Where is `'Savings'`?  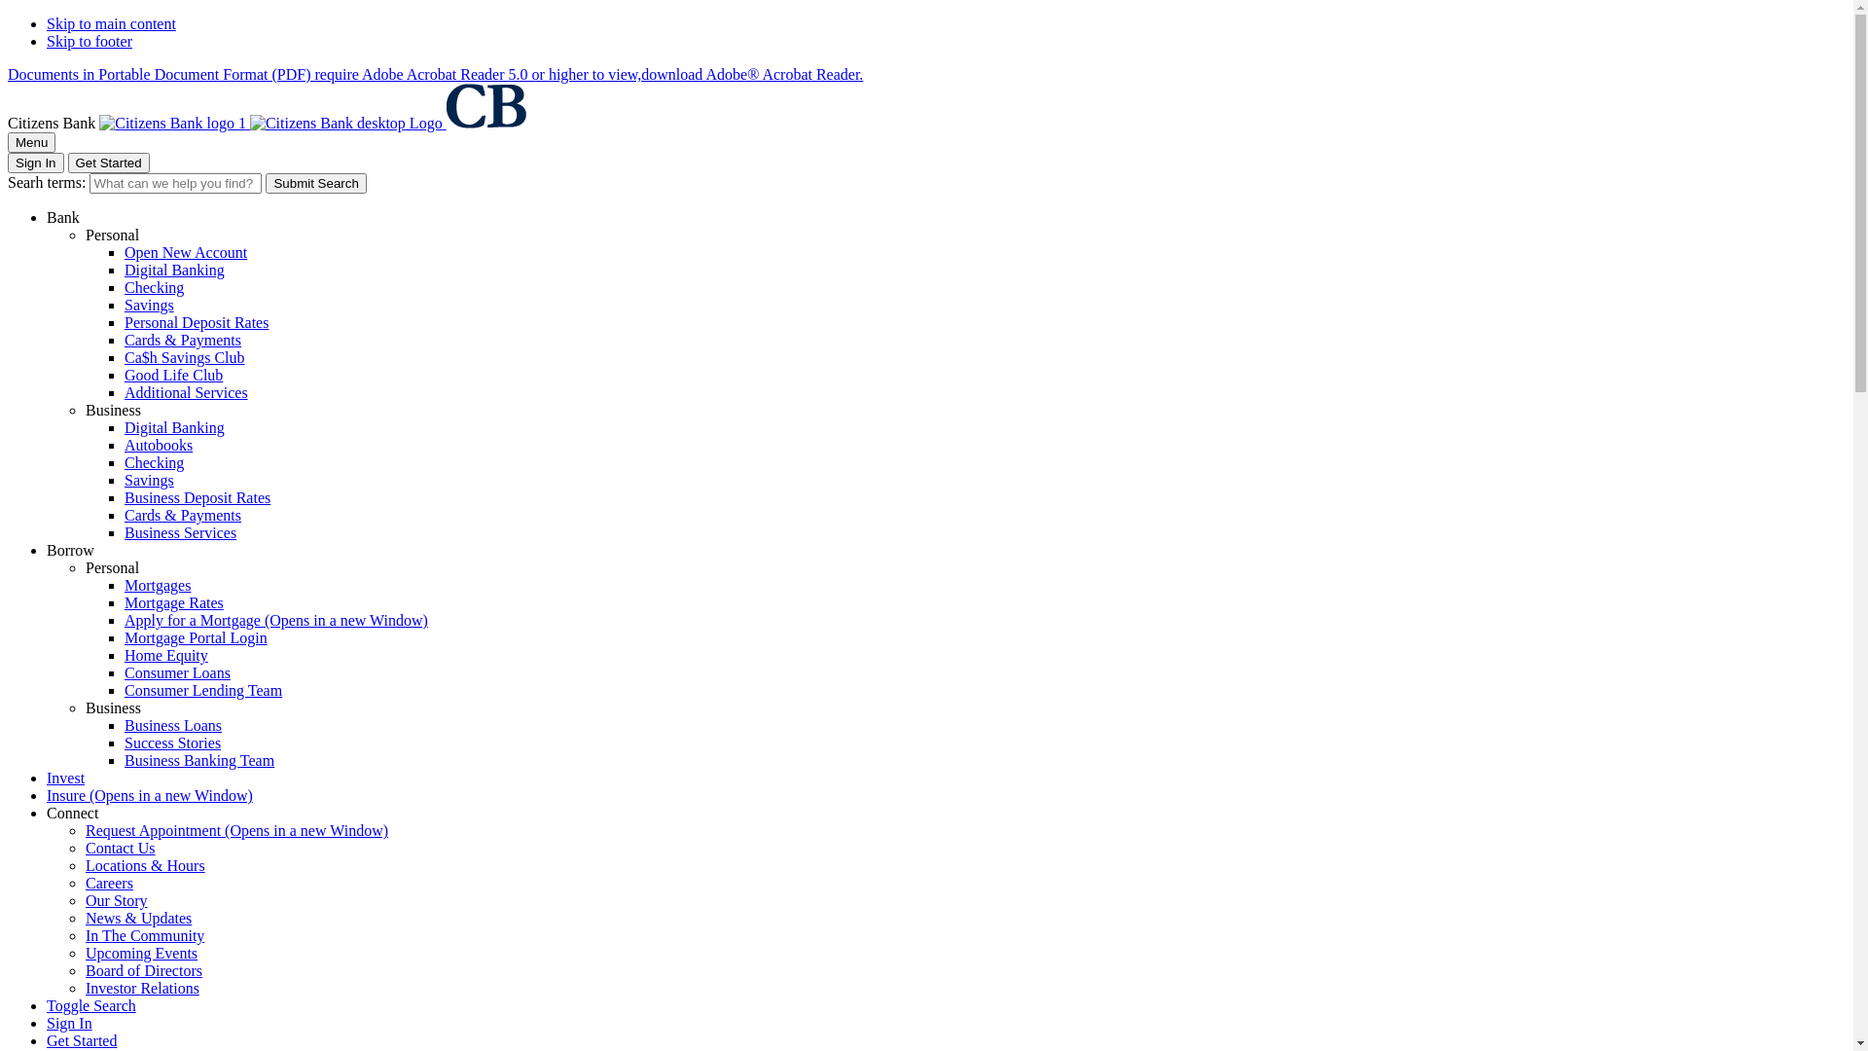 'Savings' is located at coordinates (148, 480).